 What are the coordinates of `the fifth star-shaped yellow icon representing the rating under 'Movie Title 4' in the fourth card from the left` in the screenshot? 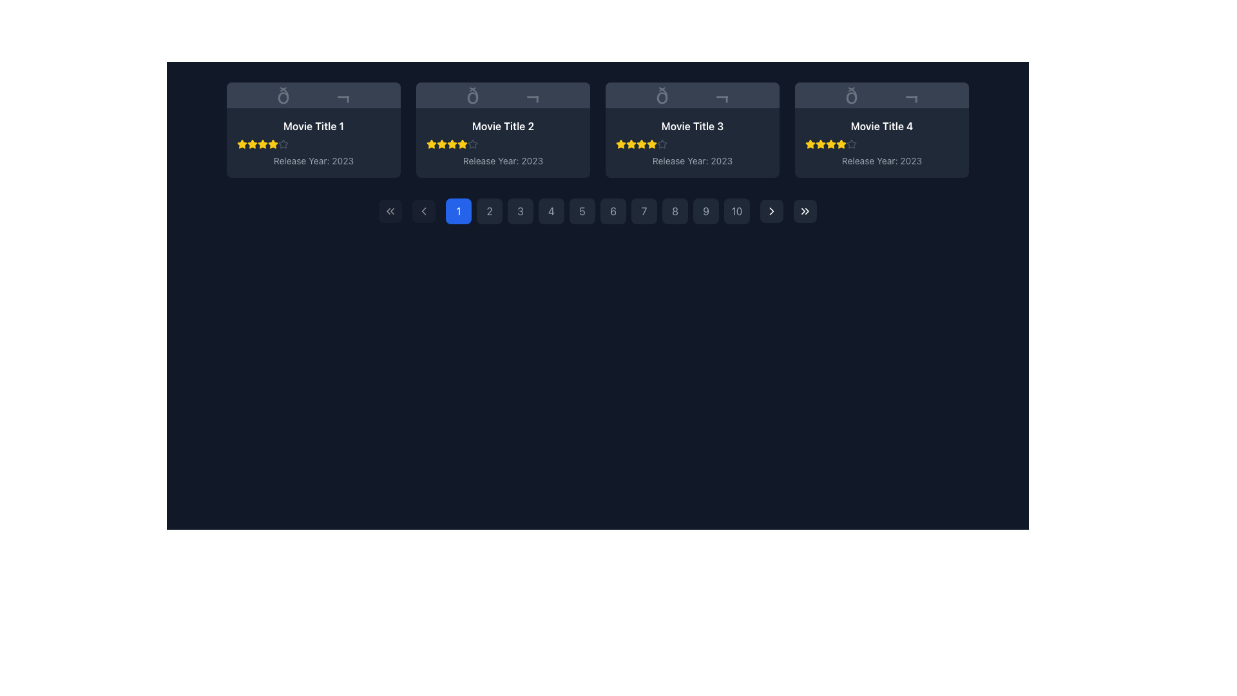 It's located at (841, 144).